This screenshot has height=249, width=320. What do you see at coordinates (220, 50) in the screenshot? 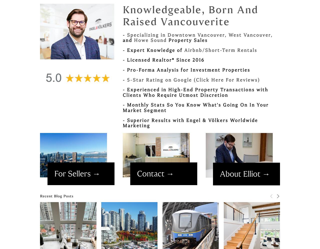
I see `'Airbnb/Short-Term Rentals'` at bounding box center [220, 50].